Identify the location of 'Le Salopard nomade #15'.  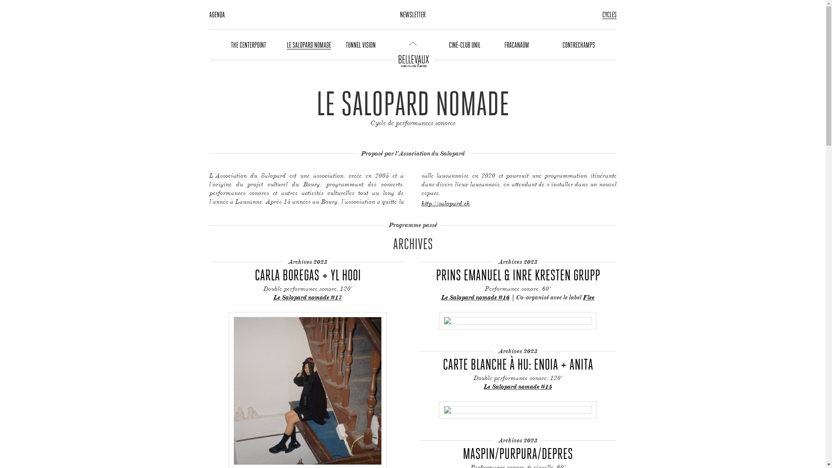
(518, 386).